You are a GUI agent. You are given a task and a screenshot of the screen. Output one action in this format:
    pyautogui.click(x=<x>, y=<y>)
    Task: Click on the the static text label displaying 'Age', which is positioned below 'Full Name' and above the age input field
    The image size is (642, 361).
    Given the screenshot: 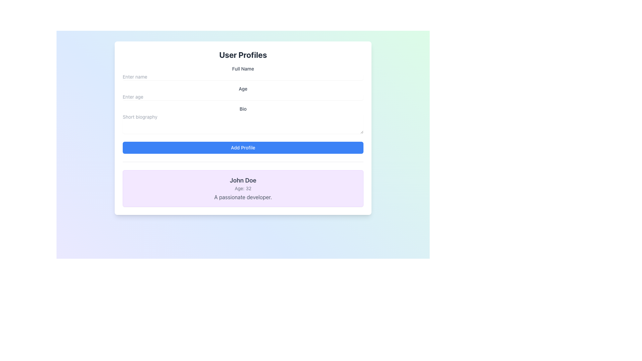 What is the action you would take?
    pyautogui.click(x=242, y=93)
    